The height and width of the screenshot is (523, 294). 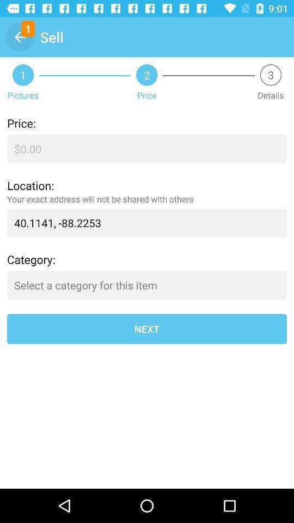 I want to click on item below category: item, so click(x=147, y=284).